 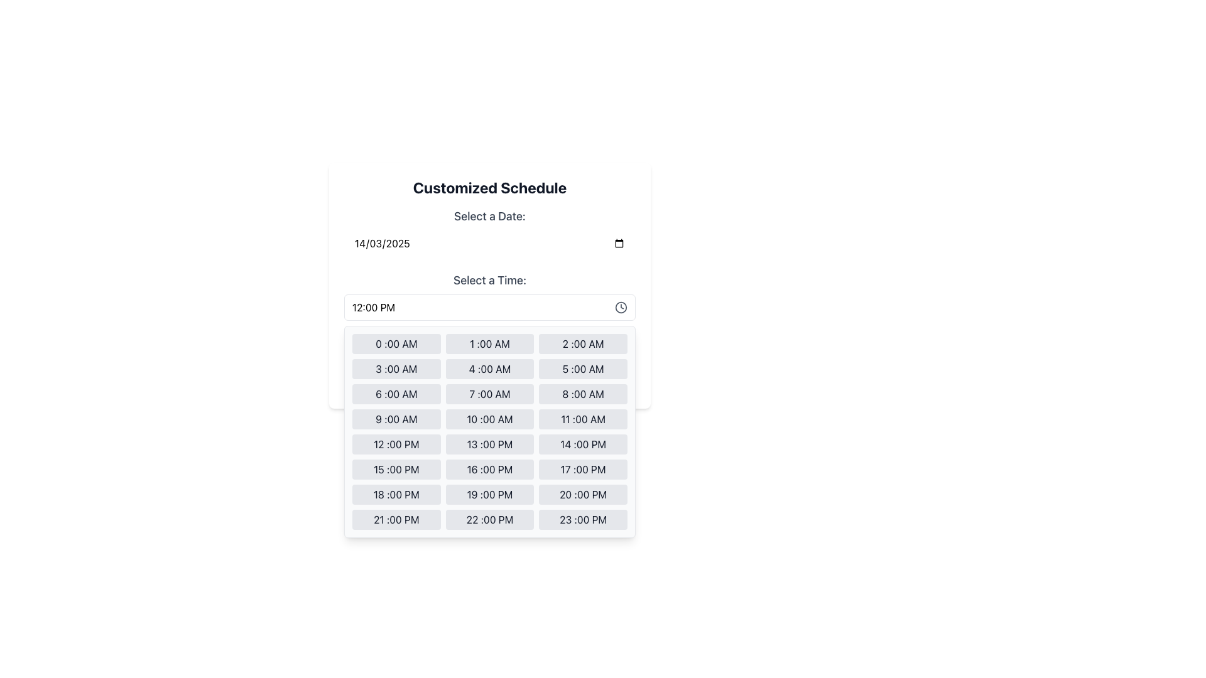 What do you see at coordinates (489, 286) in the screenshot?
I see `the dropdown menu in the dialog box for selecting date and time options, which is part of the 'Customized Schedule' dialog that appears above the confirmation button` at bounding box center [489, 286].